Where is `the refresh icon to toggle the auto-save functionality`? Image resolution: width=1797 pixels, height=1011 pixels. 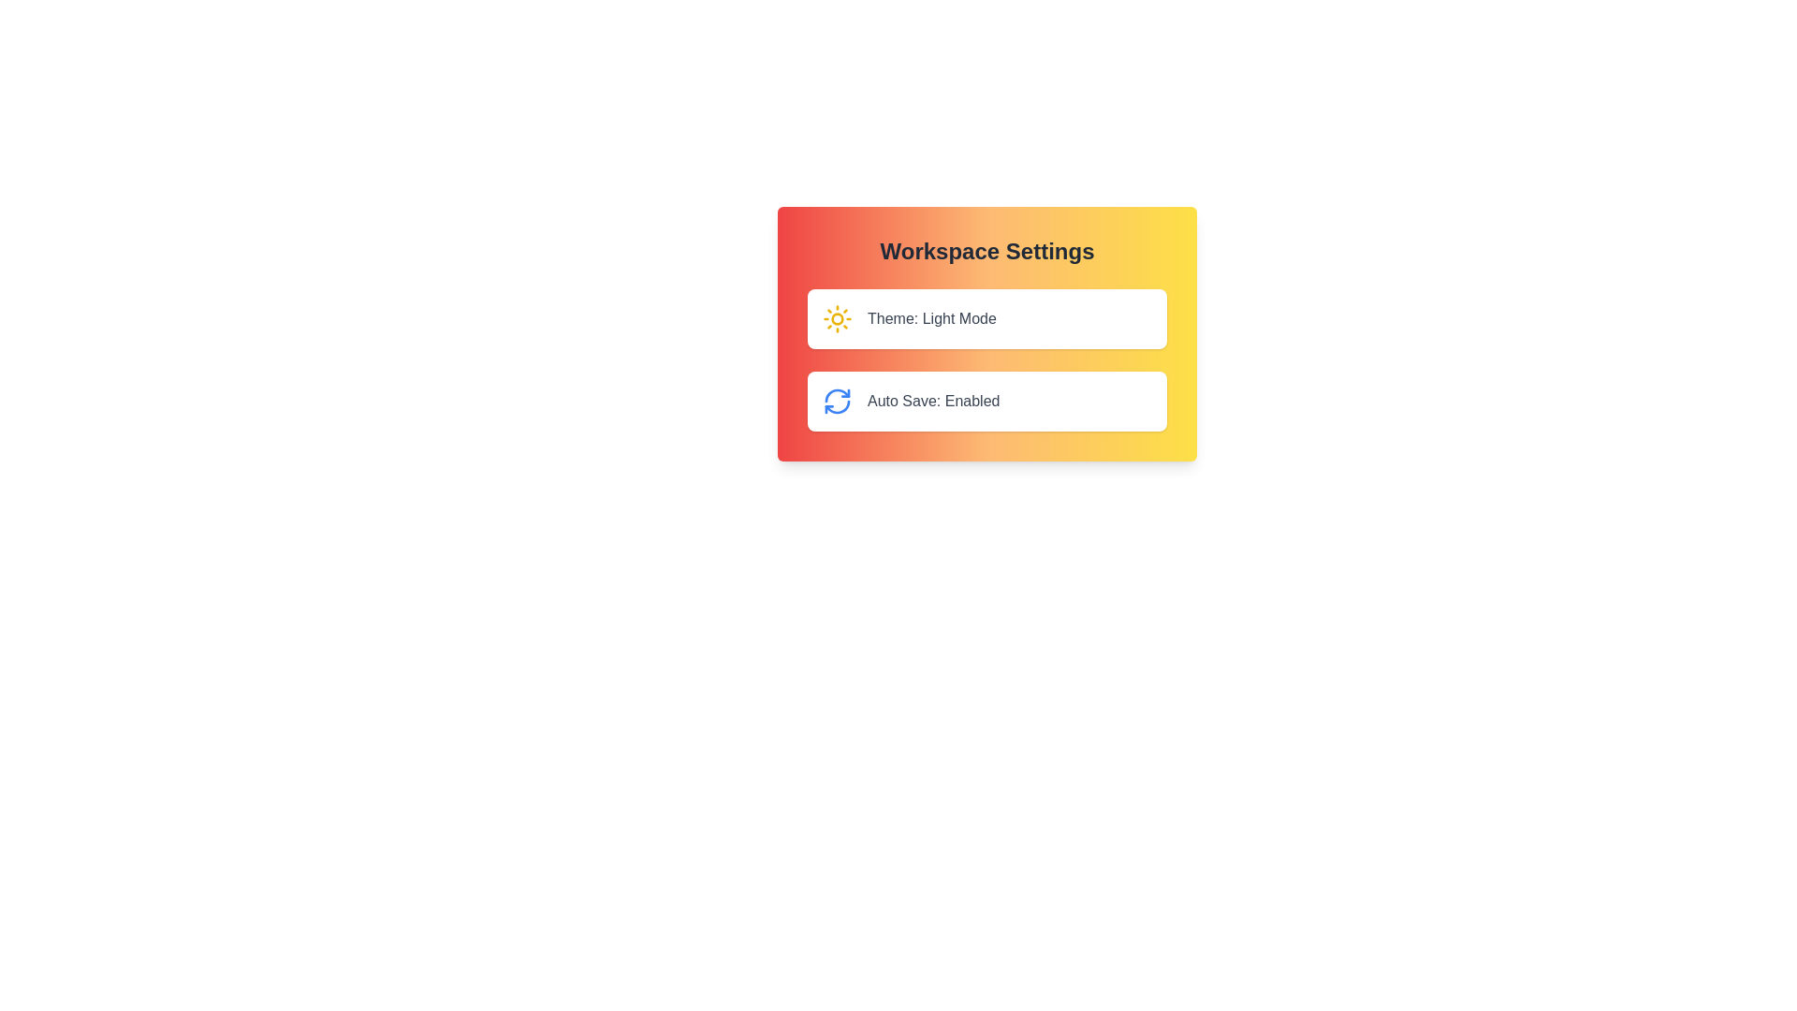 the refresh icon to toggle the auto-save functionality is located at coordinates (836, 400).